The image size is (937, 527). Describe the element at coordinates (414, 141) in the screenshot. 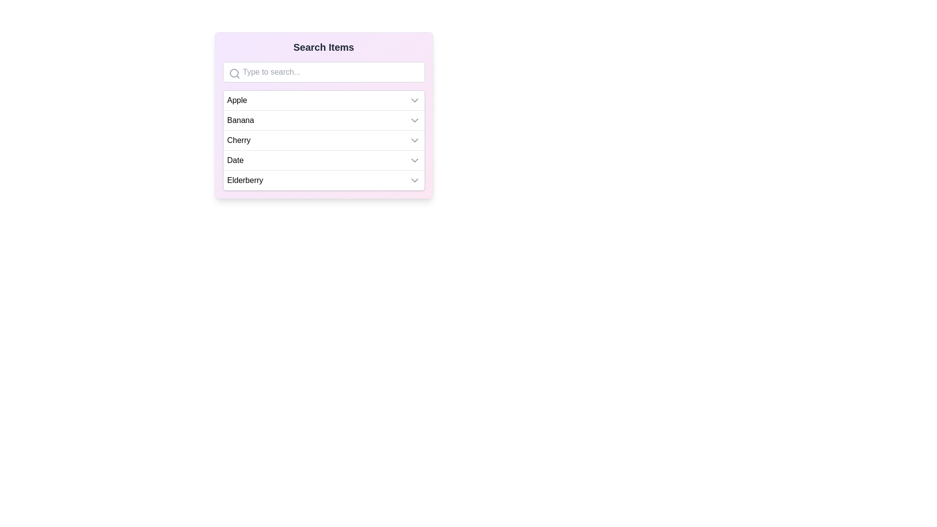

I see `the dropdown toggle icon on the right side of the 'Cherry' row` at that location.